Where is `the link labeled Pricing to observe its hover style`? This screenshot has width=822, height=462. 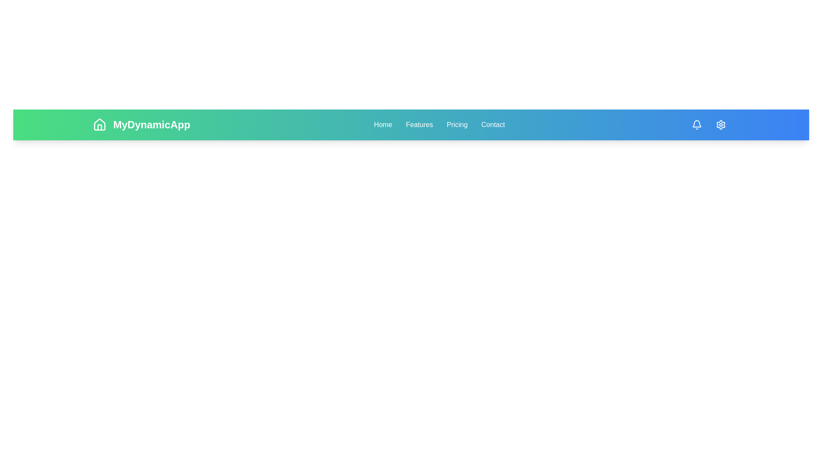
the link labeled Pricing to observe its hover style is located at coordinates (456, 125).